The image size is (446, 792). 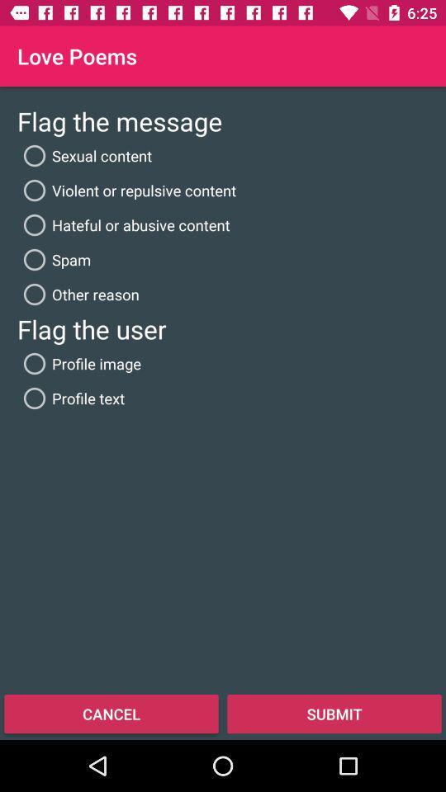 I want to click on the sexual content icon, so click(x=84, y=156).